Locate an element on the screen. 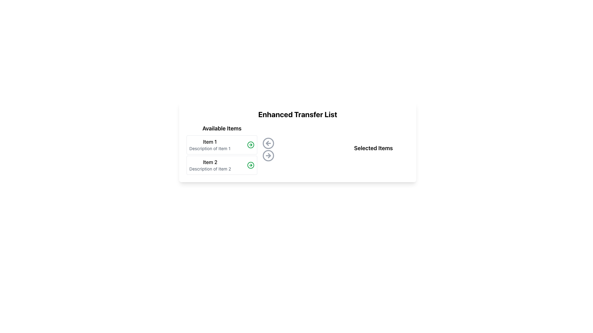  the SVG Circle element of the right-arrow transfer button located in the middle section of the interface is located at coordinates (268, 155).